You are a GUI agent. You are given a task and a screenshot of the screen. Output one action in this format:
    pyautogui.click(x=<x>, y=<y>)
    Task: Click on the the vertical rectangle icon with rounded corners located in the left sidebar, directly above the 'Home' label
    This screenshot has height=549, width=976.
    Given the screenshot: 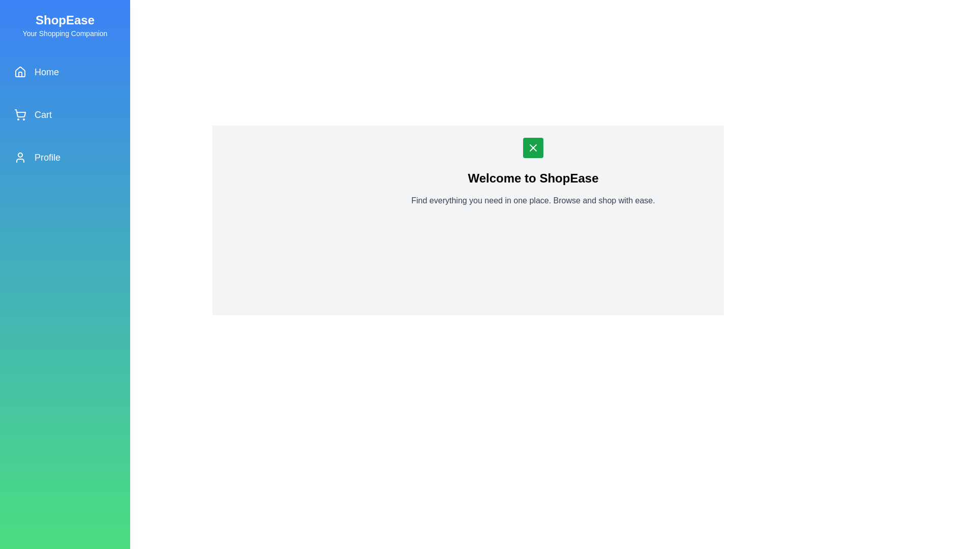 What is the action you would take?
    pyautogui.click(x=20, y=74)
    